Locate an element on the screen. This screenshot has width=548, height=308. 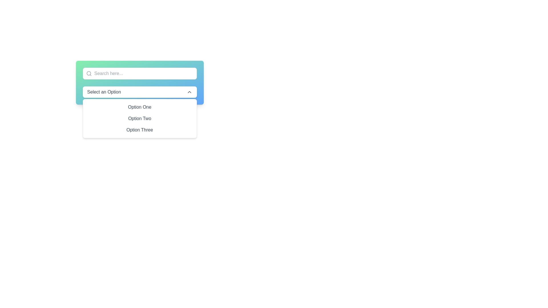
the horizontally centered menu item labeled 'Option Two' is located at coordinates (140, 118).